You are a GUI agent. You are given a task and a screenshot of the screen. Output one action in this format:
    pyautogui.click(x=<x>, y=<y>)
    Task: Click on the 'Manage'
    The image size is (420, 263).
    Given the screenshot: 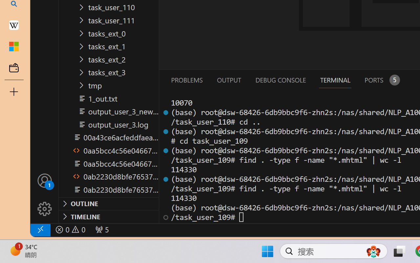 What is the action you would take?
    pyautogui.click(x=44, y=208)
    